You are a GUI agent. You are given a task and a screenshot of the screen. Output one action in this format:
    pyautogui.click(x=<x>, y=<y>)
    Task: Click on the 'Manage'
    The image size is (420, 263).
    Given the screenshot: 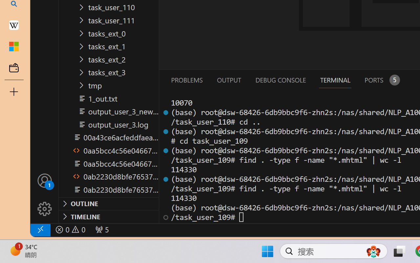 What is the action you would take?
    pyautogui.click(x=44, y=208)
    